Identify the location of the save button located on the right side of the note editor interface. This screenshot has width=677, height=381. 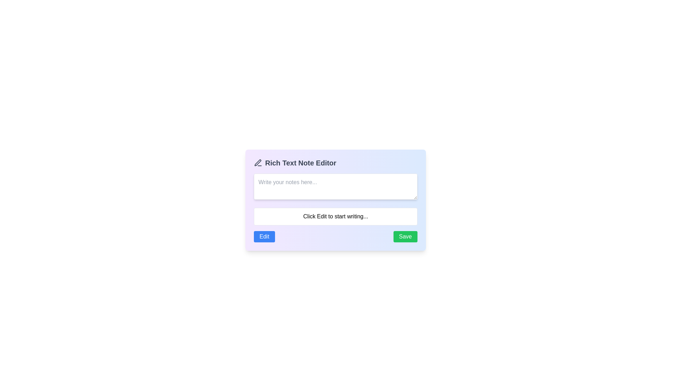
(405, 237).